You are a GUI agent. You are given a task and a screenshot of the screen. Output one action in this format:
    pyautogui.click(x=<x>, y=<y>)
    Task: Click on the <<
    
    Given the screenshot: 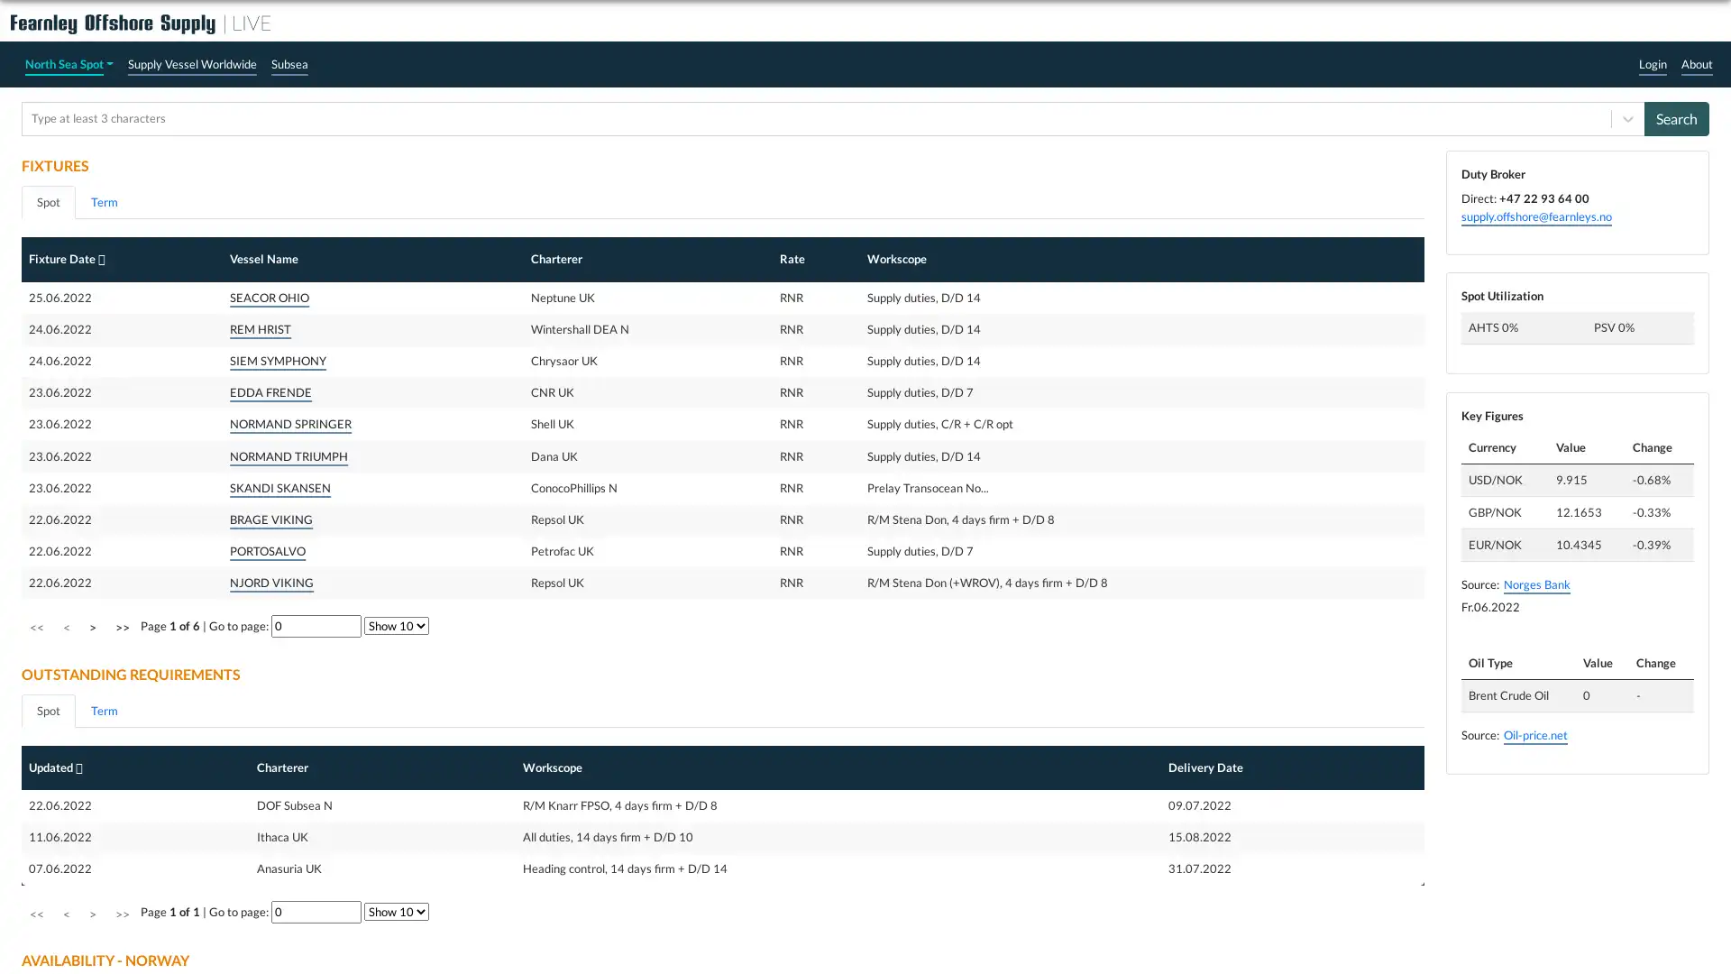 What is the action you would take?
    pyautogui.click(x=37, y=913)
    